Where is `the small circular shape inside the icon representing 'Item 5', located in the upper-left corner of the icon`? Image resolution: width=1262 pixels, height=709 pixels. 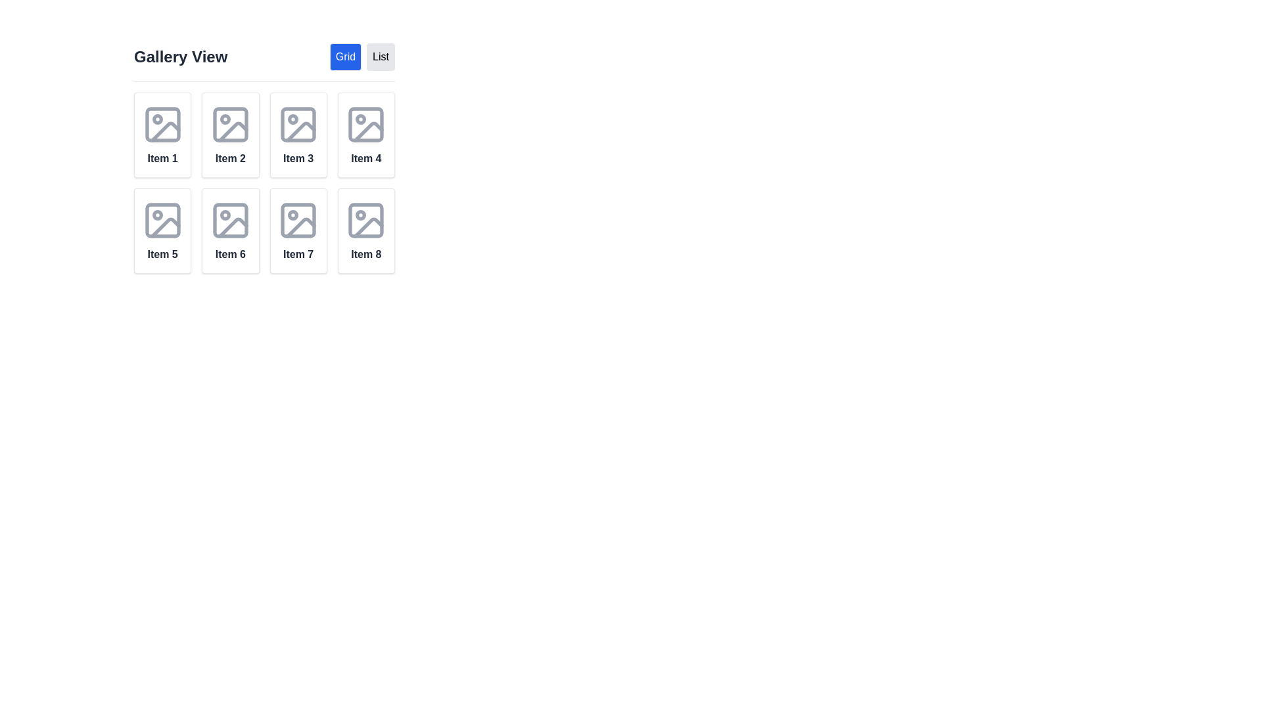
the small circular shape inside the icon representing 'Item 5', located in the upper-left corner of the icon is located at coordinates (157, 214).